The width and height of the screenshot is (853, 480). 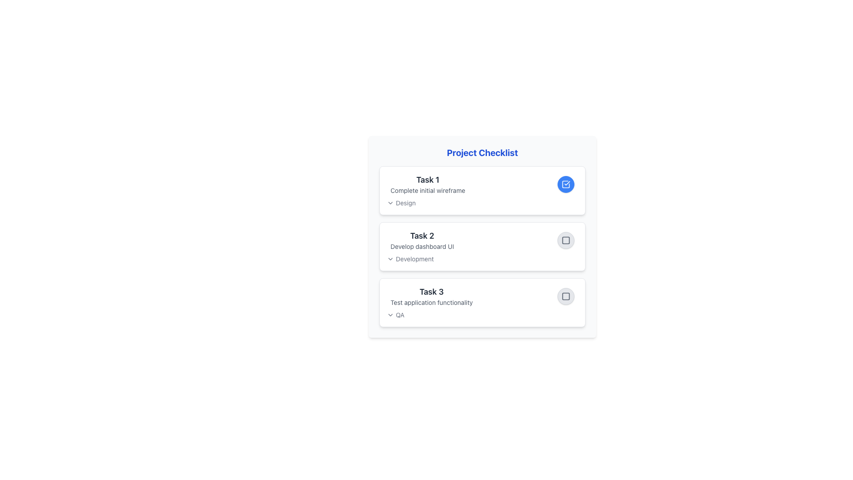 What do you see at coordinates (390, 203) in the screenshot?
I see `the downward-pointing chevron icon located to the left of the word 'Design' in the 'Task 1' task box` at bounding box center [390, 203].